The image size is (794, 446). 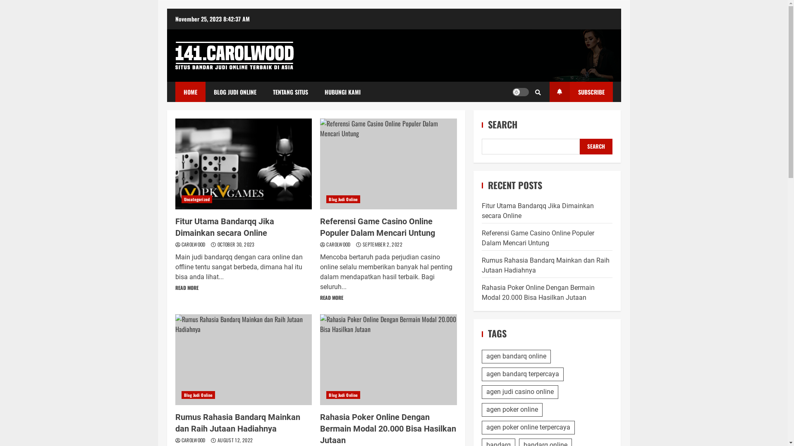 What do you see at coordinates (225, 227) in the screenshot?
I see `'Fitur Utama Bandarqq Jika Dimainkan secara Online'` at bounding box center [225, 227].